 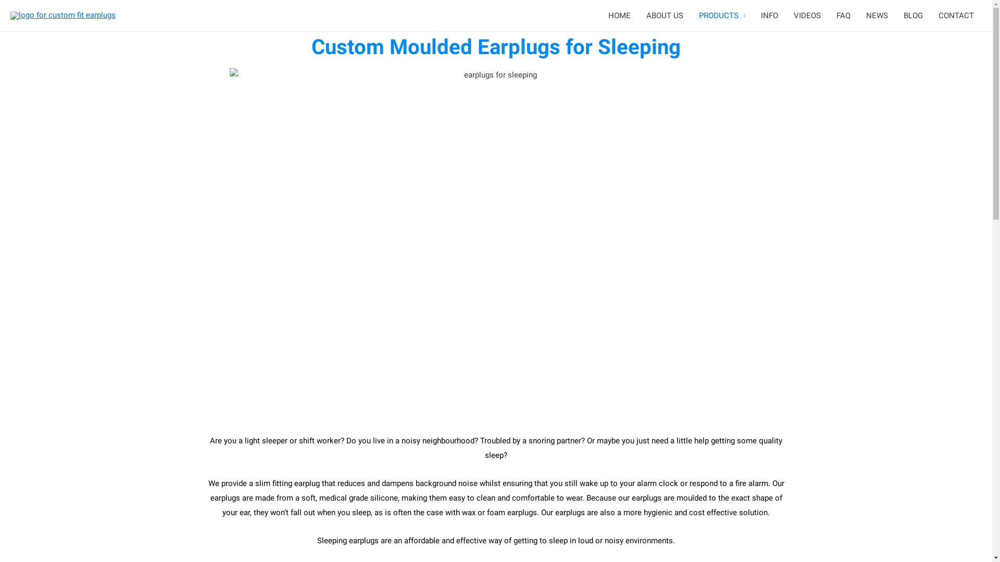 I want to click on 'ABOUT US', so click(x=664, y=16).